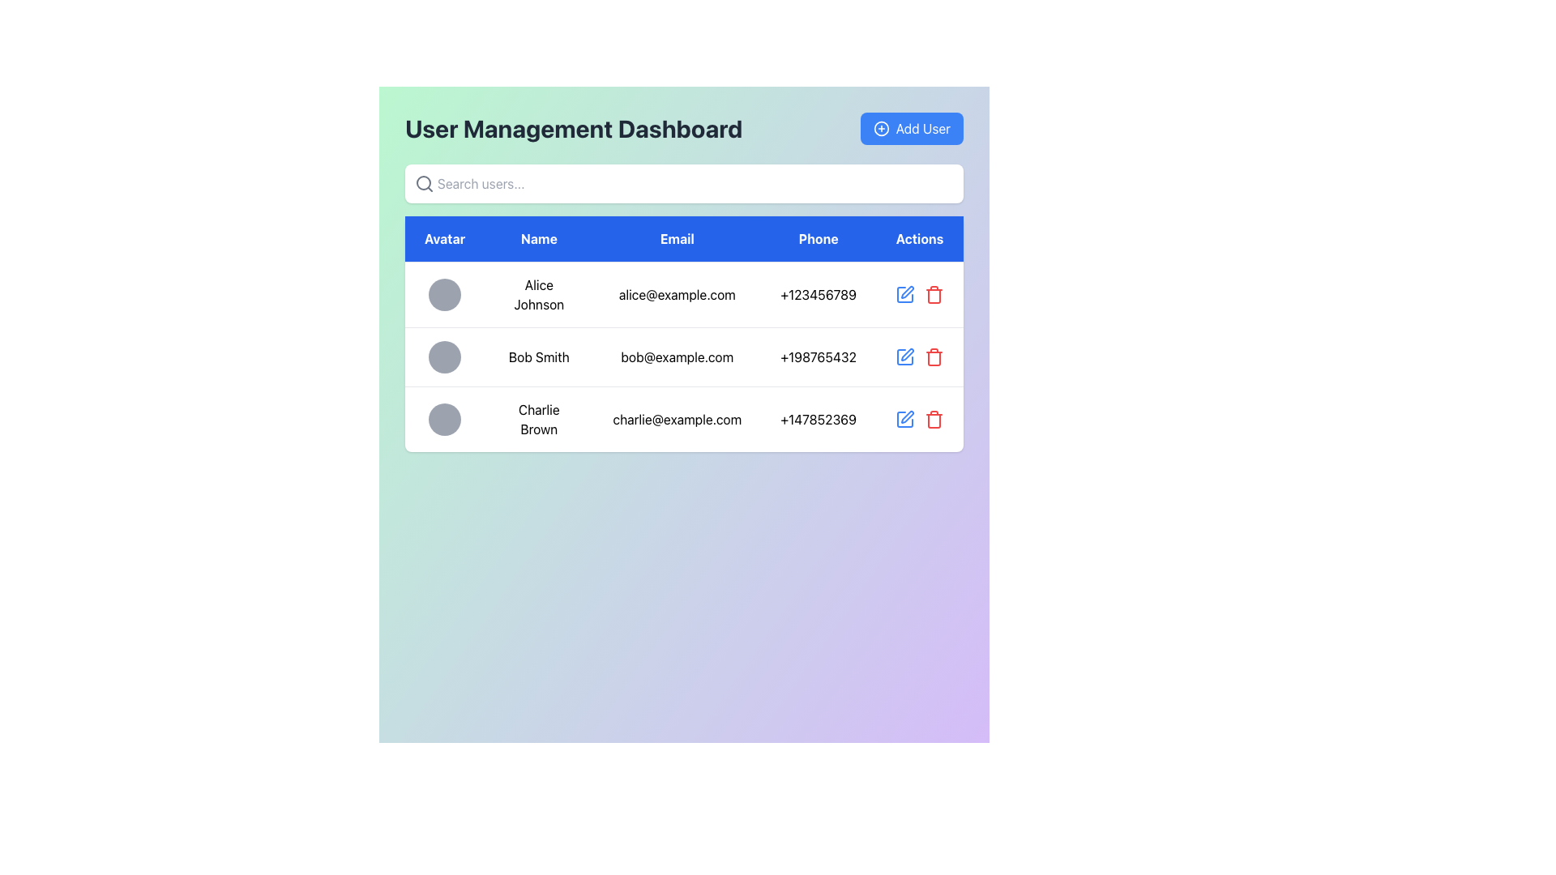 Image resolution: width=1556 pixels, height=875 pixels. What do you see at coordinates (539, 356) in the screenshot?
I see `the Text Label displaying the name 'Bob Smith'` at bounding box center [539, 356].